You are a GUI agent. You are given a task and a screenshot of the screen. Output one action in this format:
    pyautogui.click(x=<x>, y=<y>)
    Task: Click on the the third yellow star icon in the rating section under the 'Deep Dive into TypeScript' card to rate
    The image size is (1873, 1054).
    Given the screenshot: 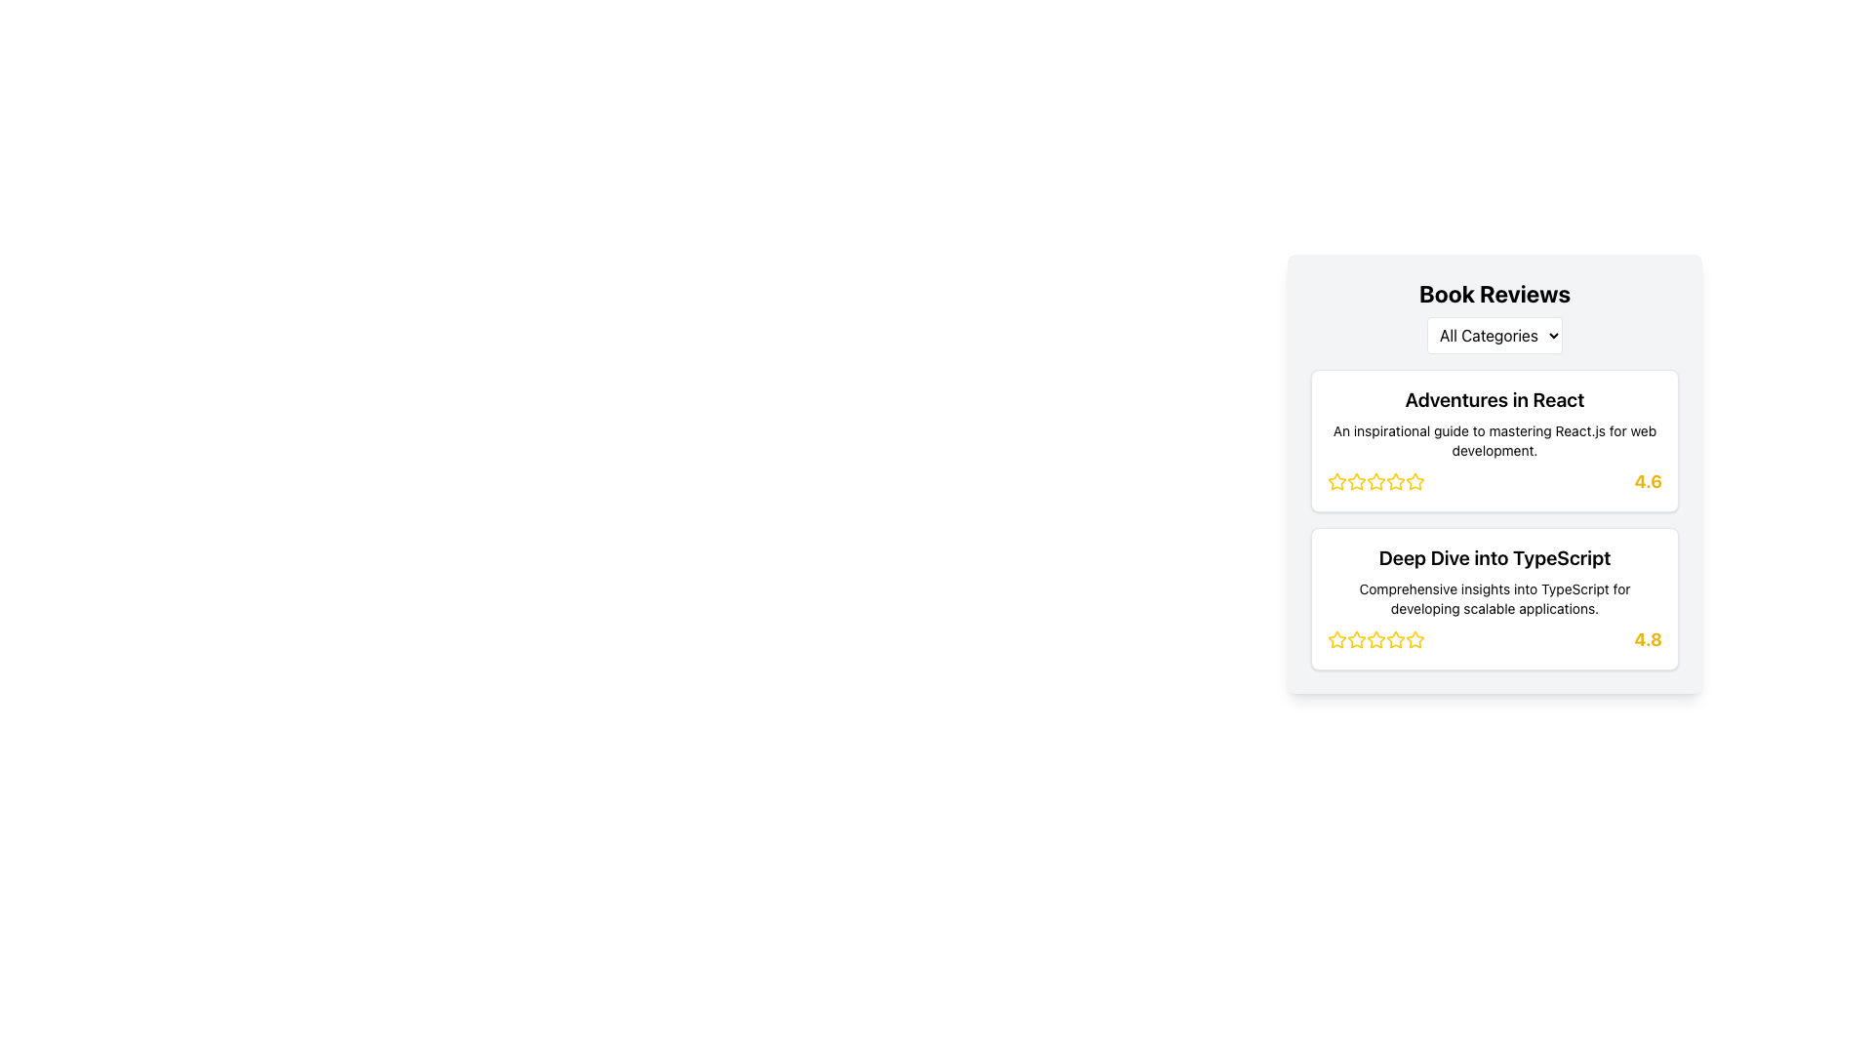 What is the action you would take?
    pyautogui.click(x=1375, y=639)
    